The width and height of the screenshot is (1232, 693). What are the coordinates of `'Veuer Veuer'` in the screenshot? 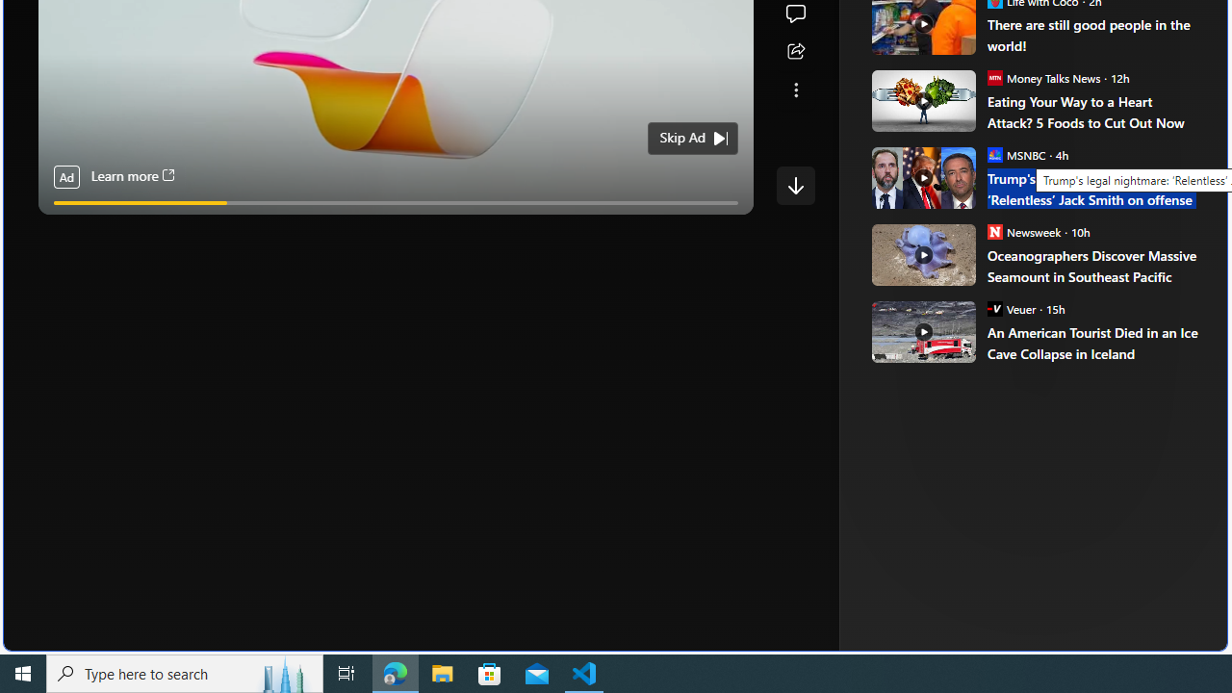 It's located at (1010, 307).